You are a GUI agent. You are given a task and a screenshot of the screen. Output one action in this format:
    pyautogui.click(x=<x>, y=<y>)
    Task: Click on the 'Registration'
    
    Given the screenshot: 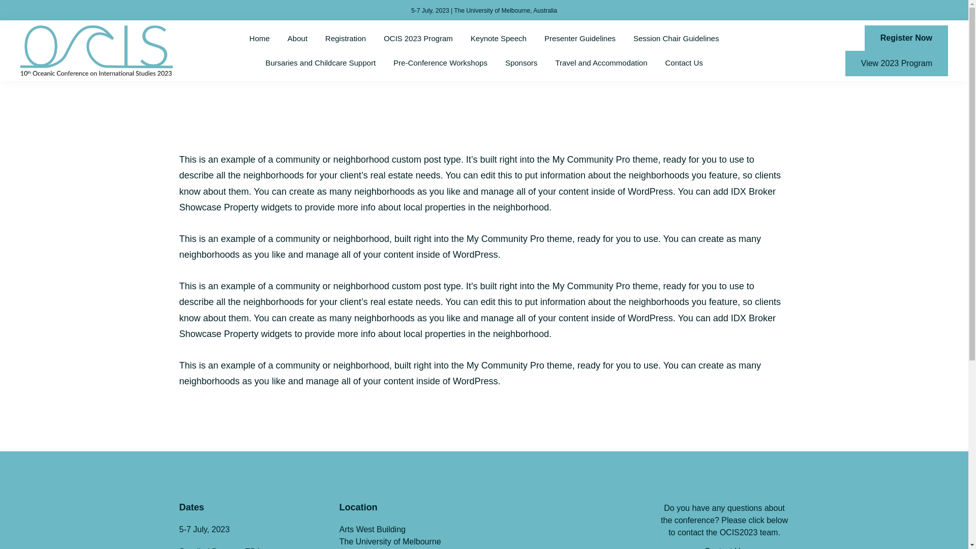 What is the action you would take?
    pyautogui.click(x=346, y=38)
    